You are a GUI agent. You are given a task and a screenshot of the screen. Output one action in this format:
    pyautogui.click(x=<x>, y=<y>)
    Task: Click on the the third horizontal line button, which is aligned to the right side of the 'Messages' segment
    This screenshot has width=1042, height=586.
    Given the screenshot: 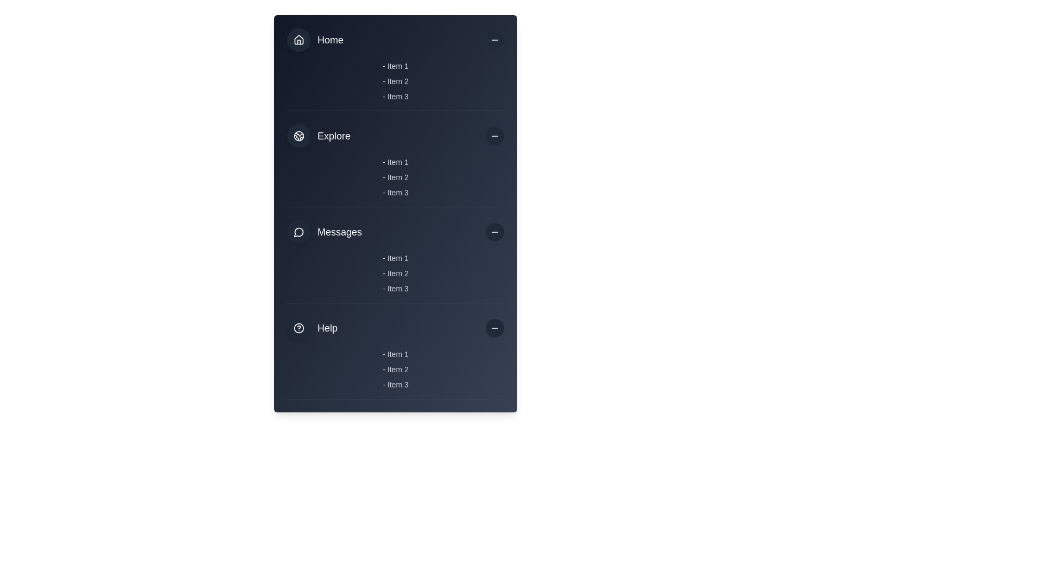 What is the action you would take?
    pyautogui.click(x=494, y=232)
    